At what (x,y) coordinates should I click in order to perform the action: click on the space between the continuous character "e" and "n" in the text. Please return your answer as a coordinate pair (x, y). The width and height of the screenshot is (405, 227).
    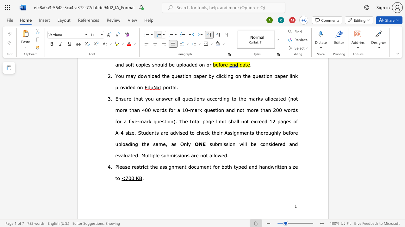
    Looking at the image, I should click on (284, 166).